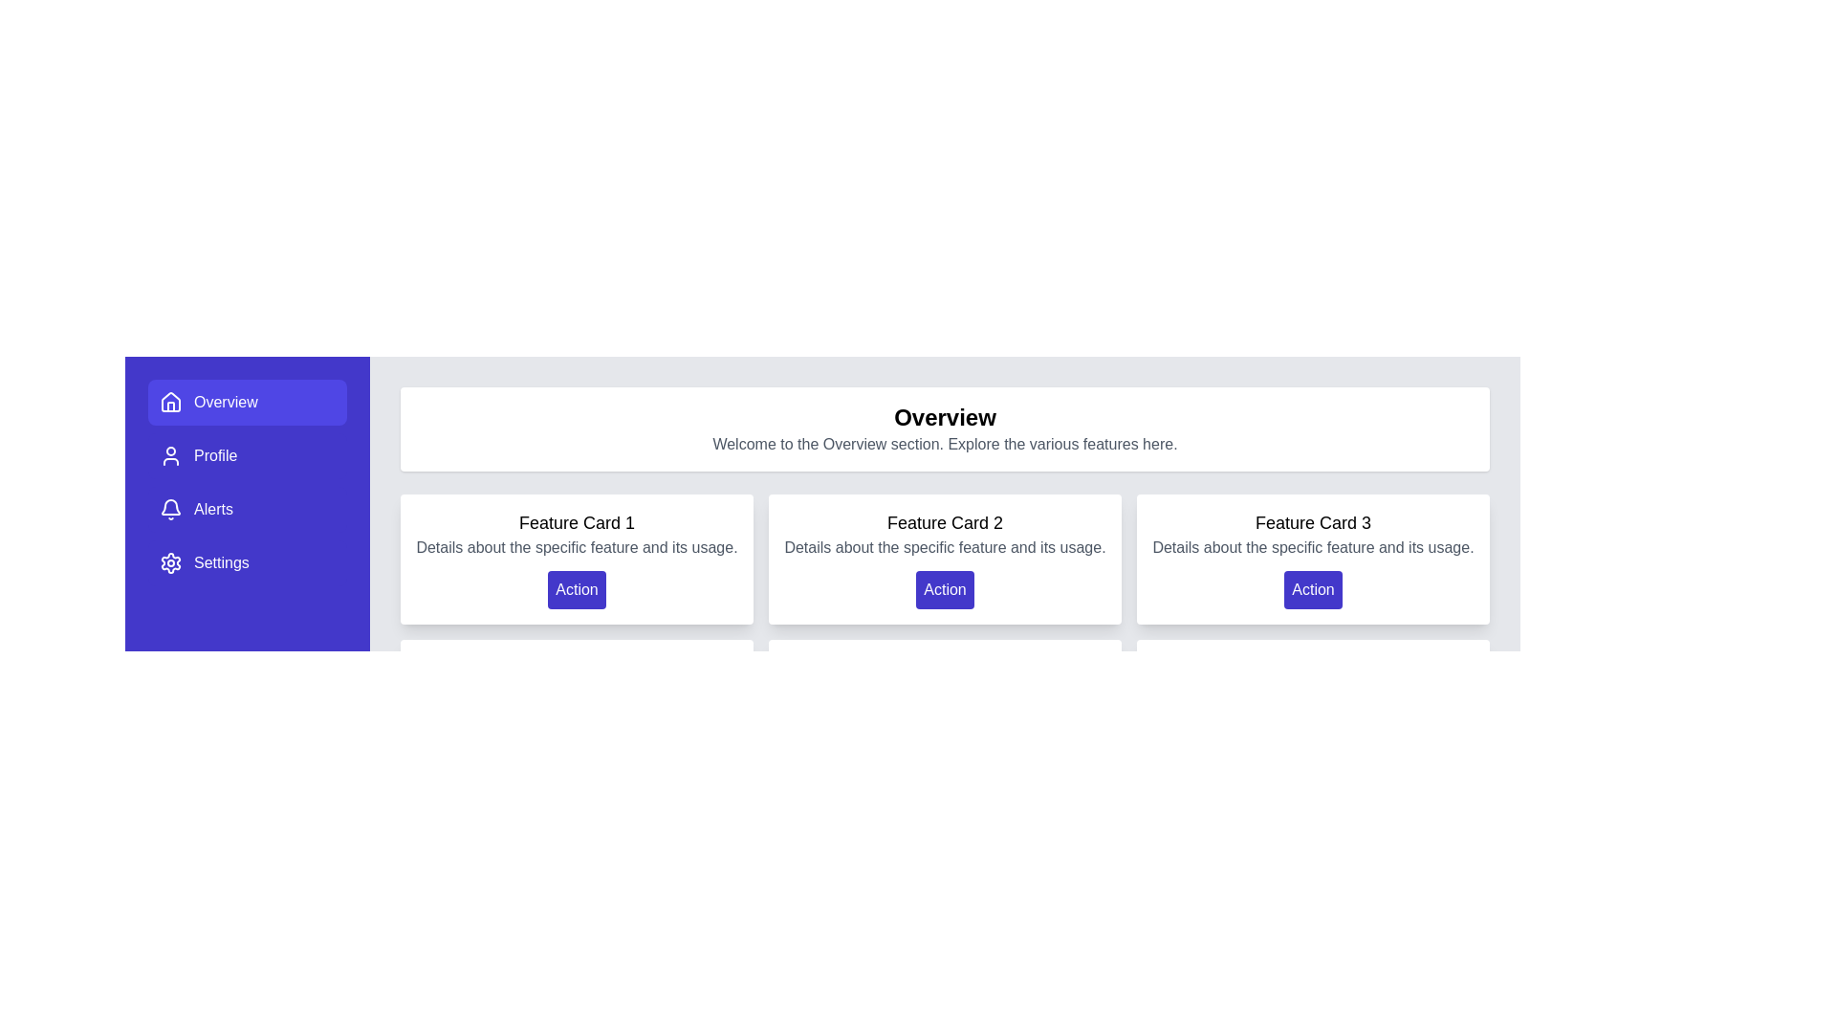  Describe the element at coordinates (945, 560) in the screenshot. I see `the Feature card located in the central column beneath the 'Overview' title to observe any hover effects` at that location.